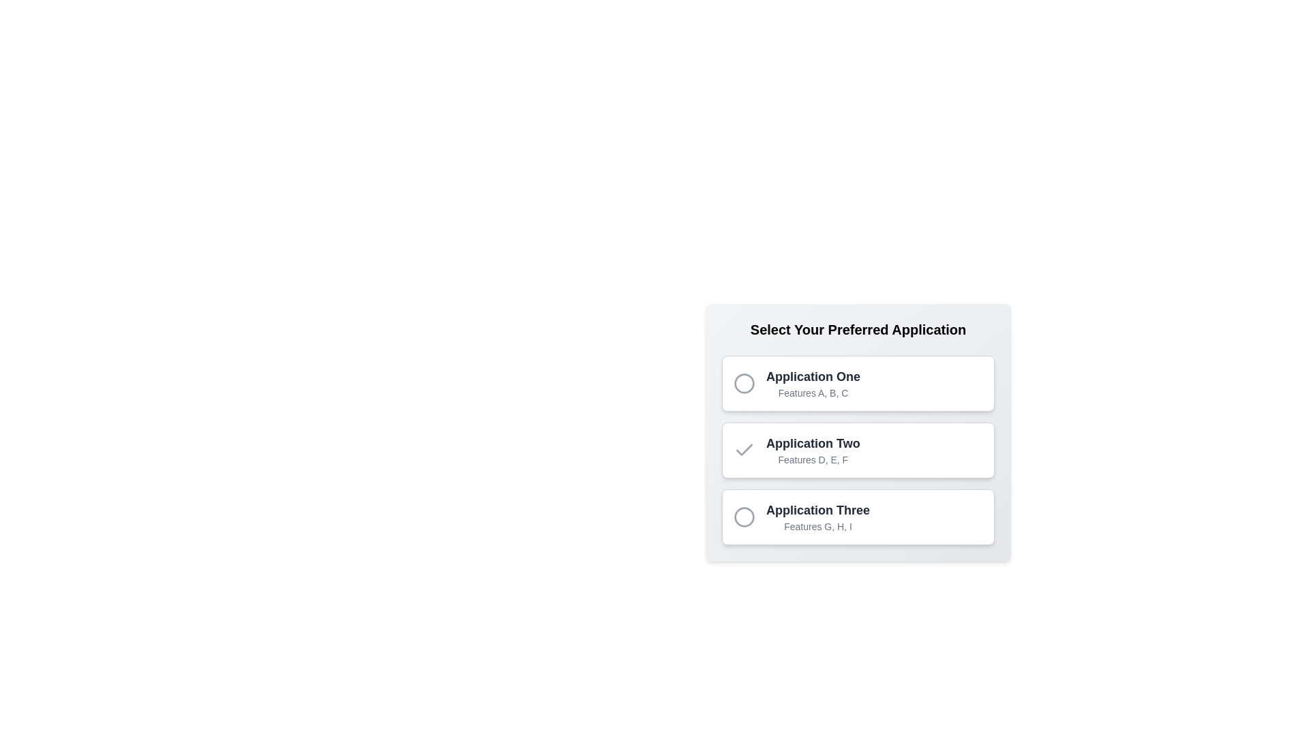 This screenshot has height=736, width=1309. What do you see at coordinates (813, 444) in the screenshot?
I see `the title text element that corresponds to 'Application Two' in the application selection list` at bounding box center [813, 444].